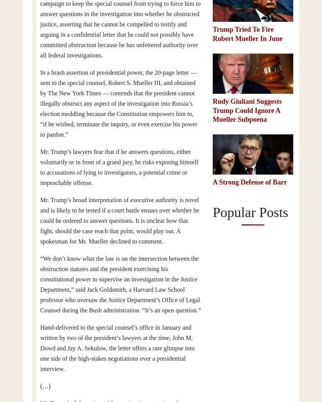  Describe the element at coordinates (118, 103) in the screenshot. I see `'In a brash assertion of presidential power, the 20-page letter — sent to the special counsel, Robert S. Mueller III, and obtained by The New York Times — contends that the president cannot illegally obstruct any aspect of the investigation into Russia’s election meddling because the Constitution empowers him to, “if he wished, terminate the inquiry, or even exercise his power to pardon.”'` at that location.